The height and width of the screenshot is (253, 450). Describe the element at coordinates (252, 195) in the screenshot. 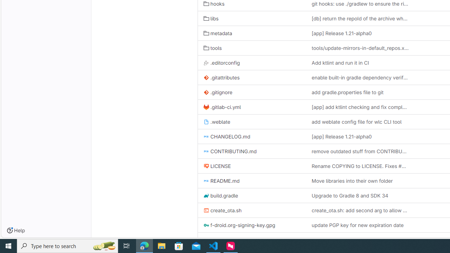

I see `'build.gradle'` at that location.